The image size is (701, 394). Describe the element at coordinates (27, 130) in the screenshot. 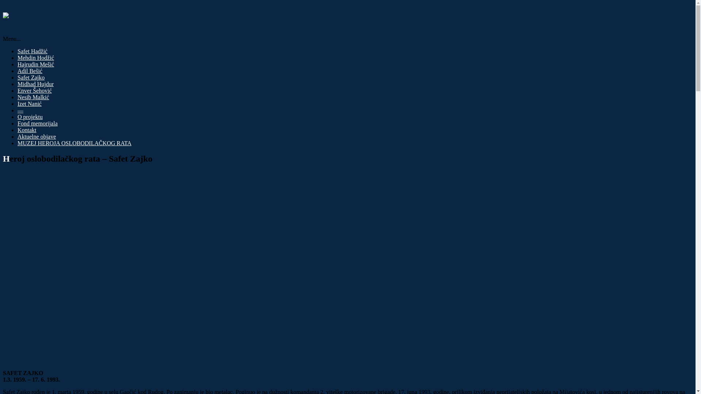

I see `'Kontakt'` at that location.